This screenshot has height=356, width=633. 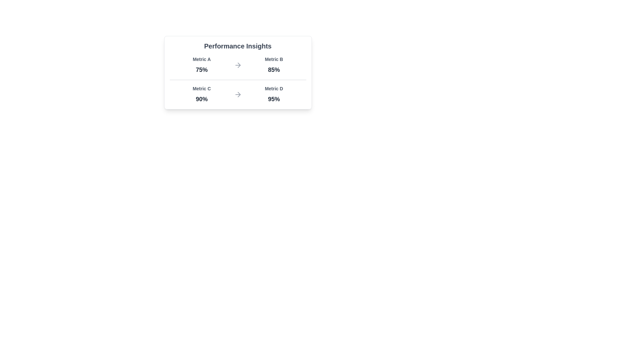 I want to click on the triangular arrowhead pointing right within the arrow-shaped SVG icon that separates 'Metric C' and 'Metric D', so click(x=238, y=94).